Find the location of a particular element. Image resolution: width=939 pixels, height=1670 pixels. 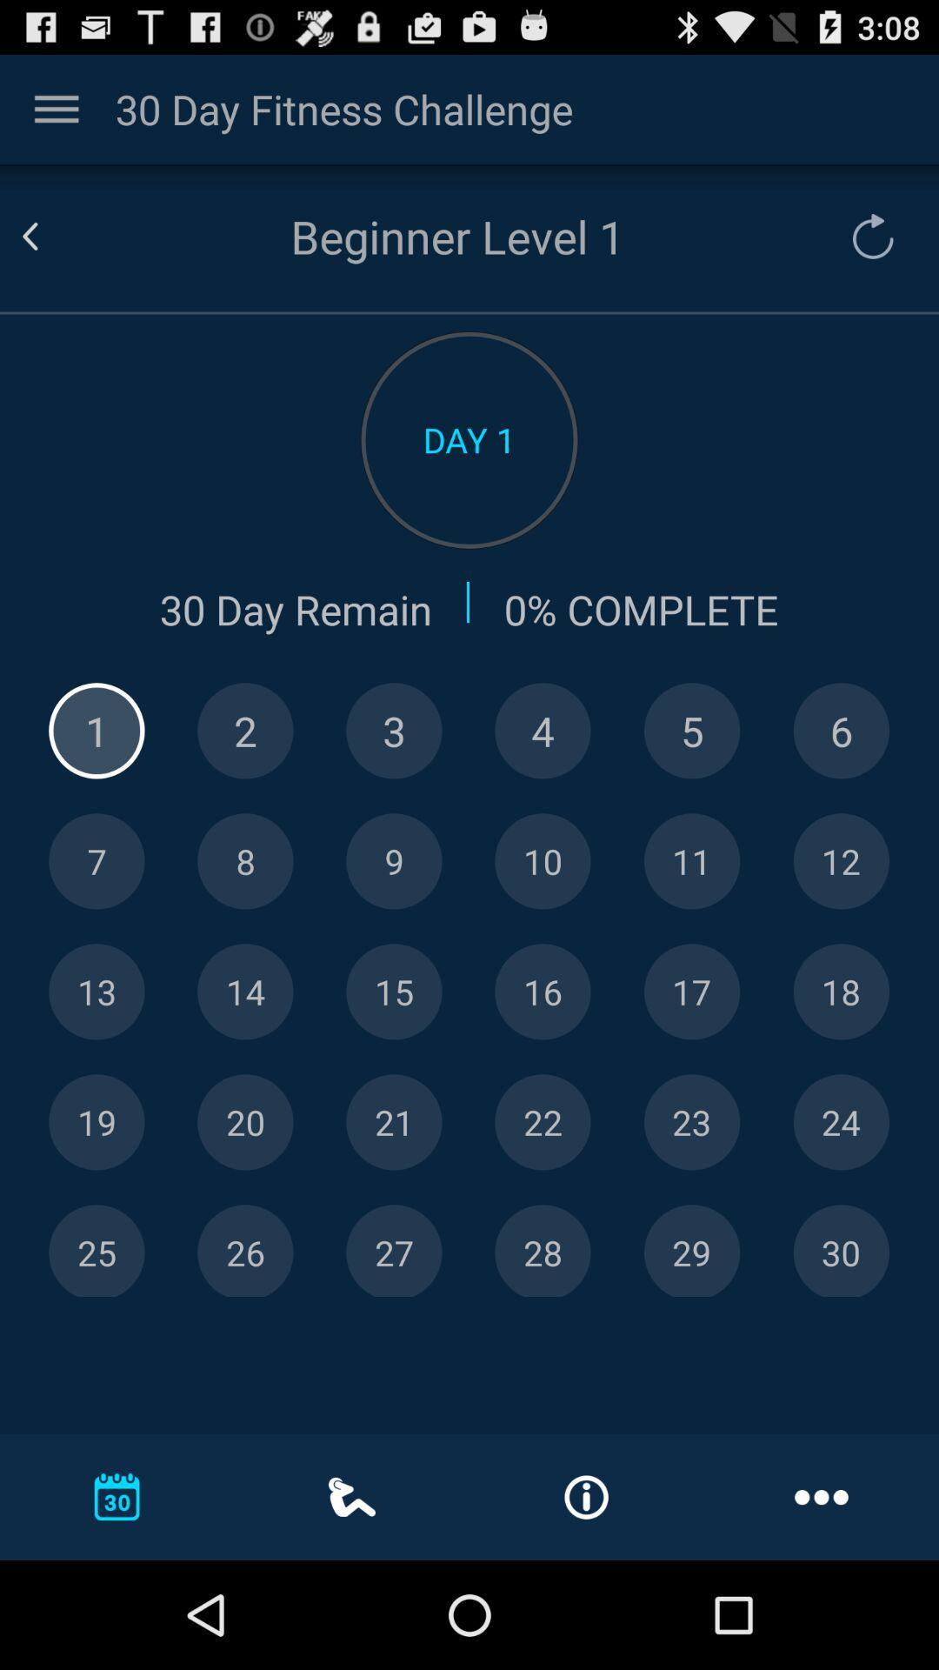

the arrow_backward icon is located at coordinates (50, 252).